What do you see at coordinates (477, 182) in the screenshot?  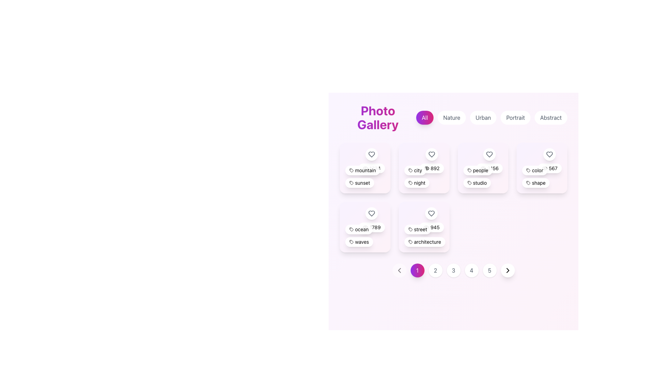 I see `the second tag in the third column of the grid layout, located below the 'people' tag` at bounding box center [477, 182].